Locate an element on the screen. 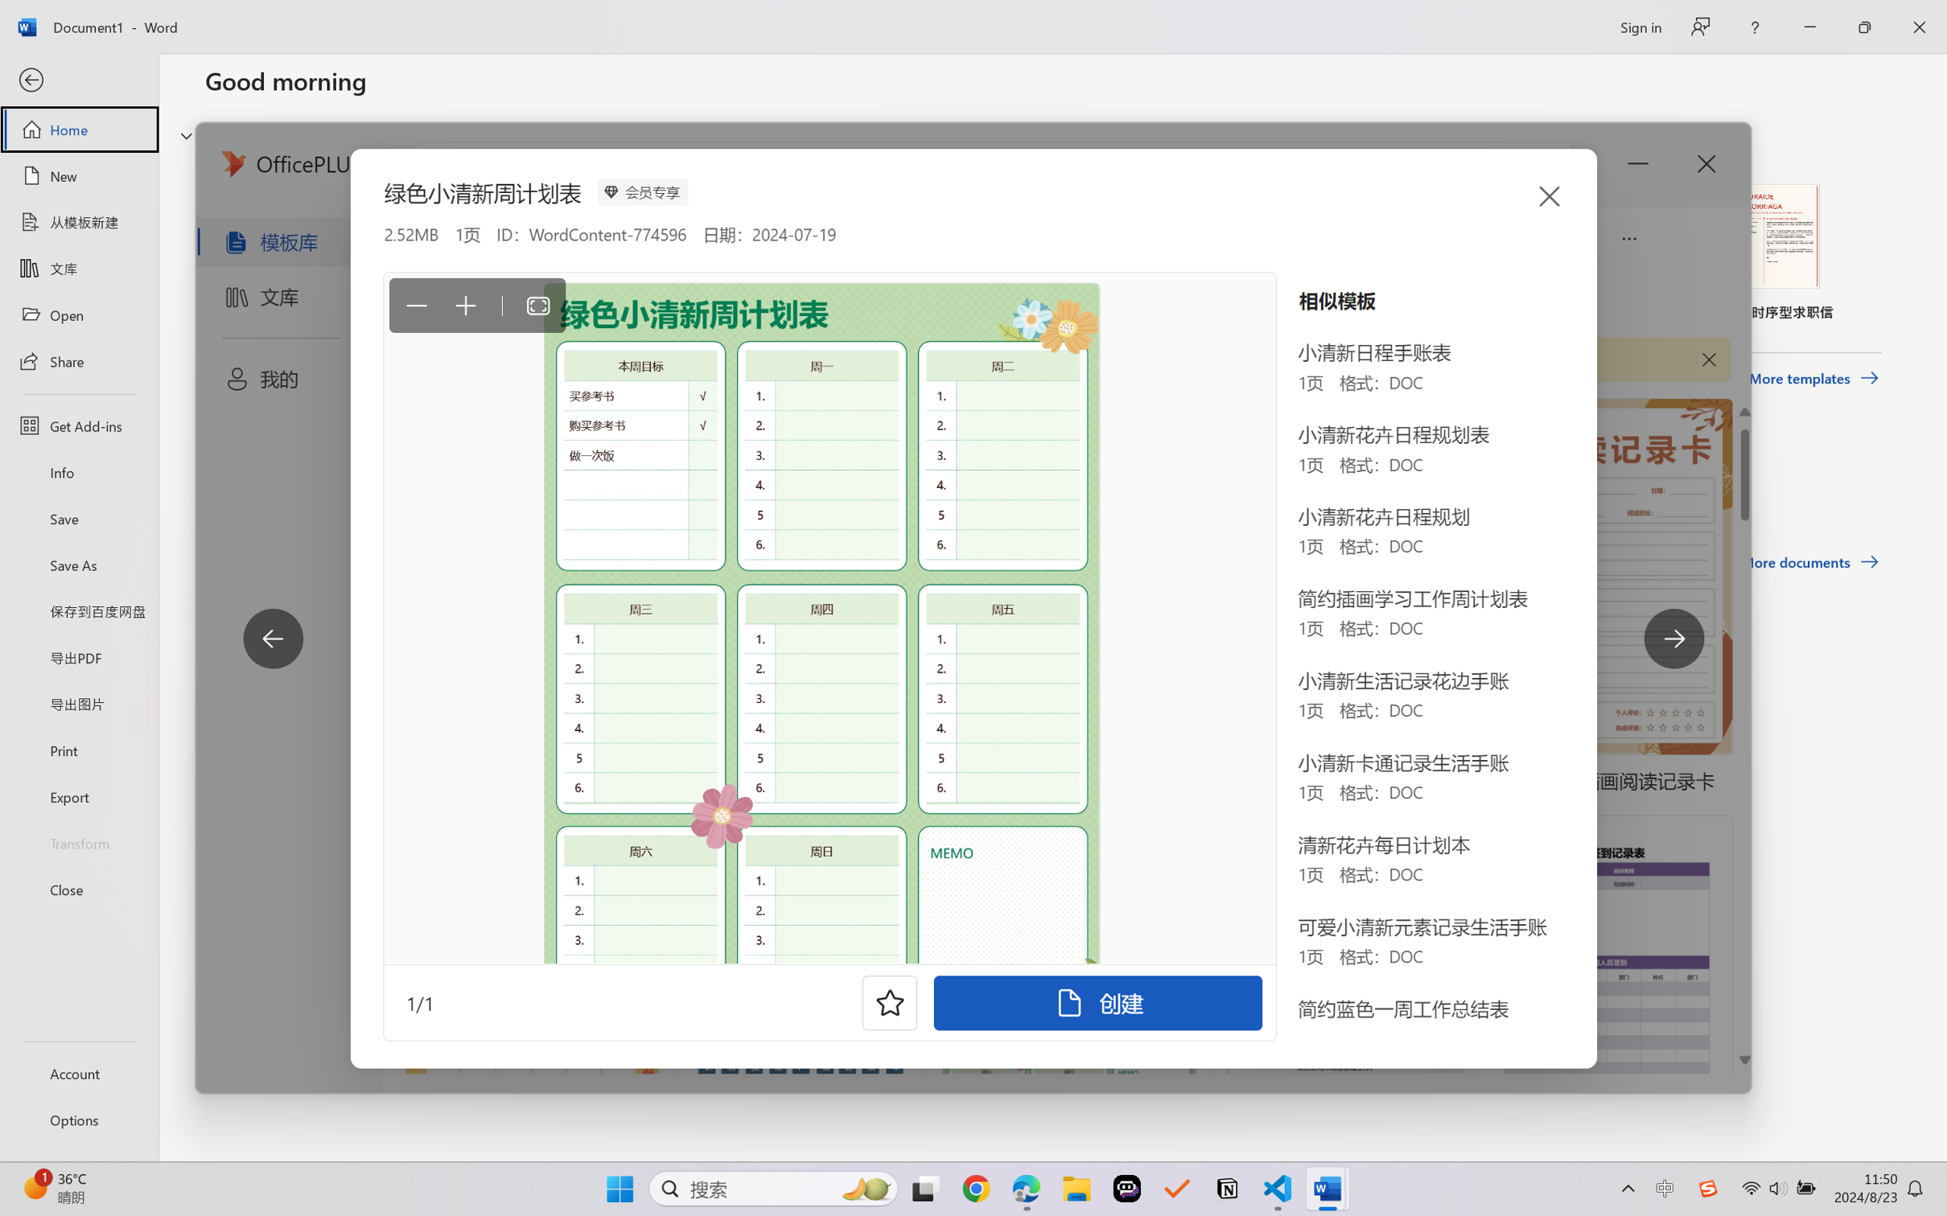  'Account' is located at coordinates (78, 1073).